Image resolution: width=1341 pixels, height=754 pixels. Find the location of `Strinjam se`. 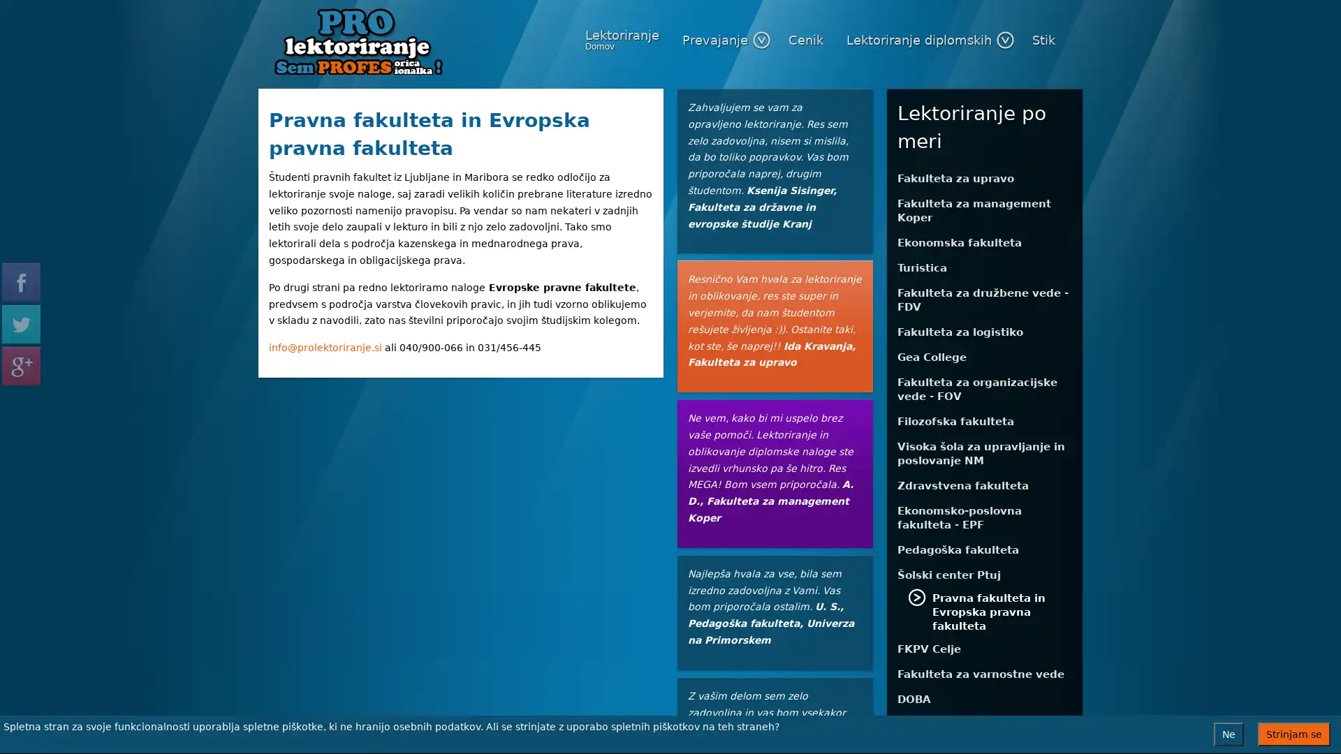

Strinjam se is located at coordinates (1293, 734).